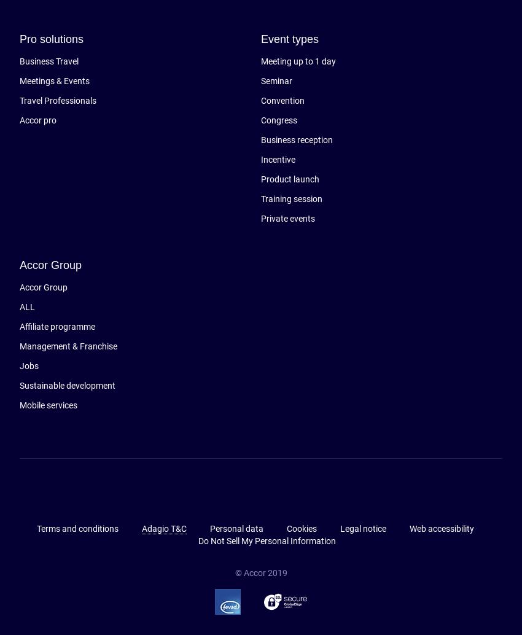 This screenshot has width=522, height=635. What do you see at coordinates (297, 139) in the screenshot?
I see `'Business reception'` at bounding box center [297, 139].